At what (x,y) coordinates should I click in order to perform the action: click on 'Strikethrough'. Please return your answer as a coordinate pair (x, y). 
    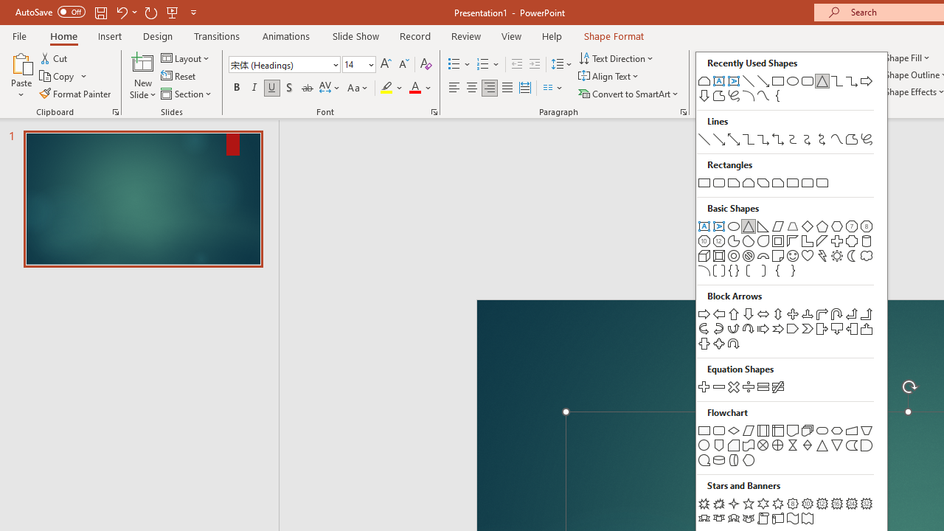
    Looking at the image, I should click on (306, 88).